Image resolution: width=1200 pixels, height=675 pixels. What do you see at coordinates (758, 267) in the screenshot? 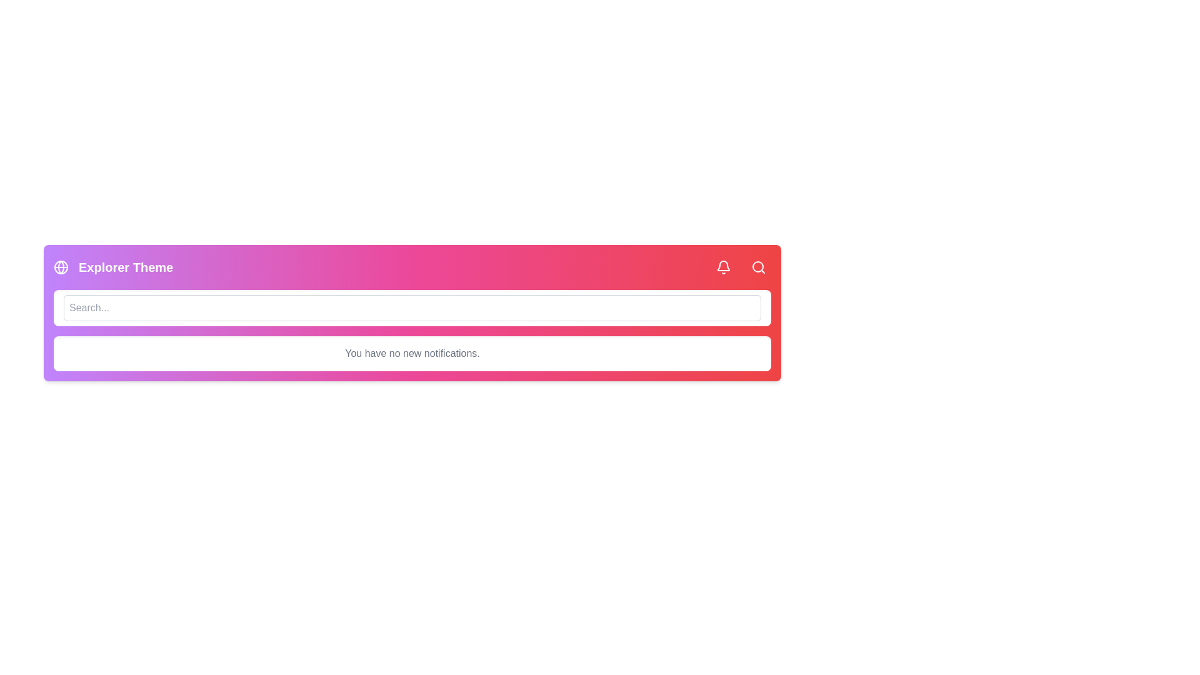
I see `the search button located in the top-right corner of the interface to initiate a search action` at bounding box center [758, 267].